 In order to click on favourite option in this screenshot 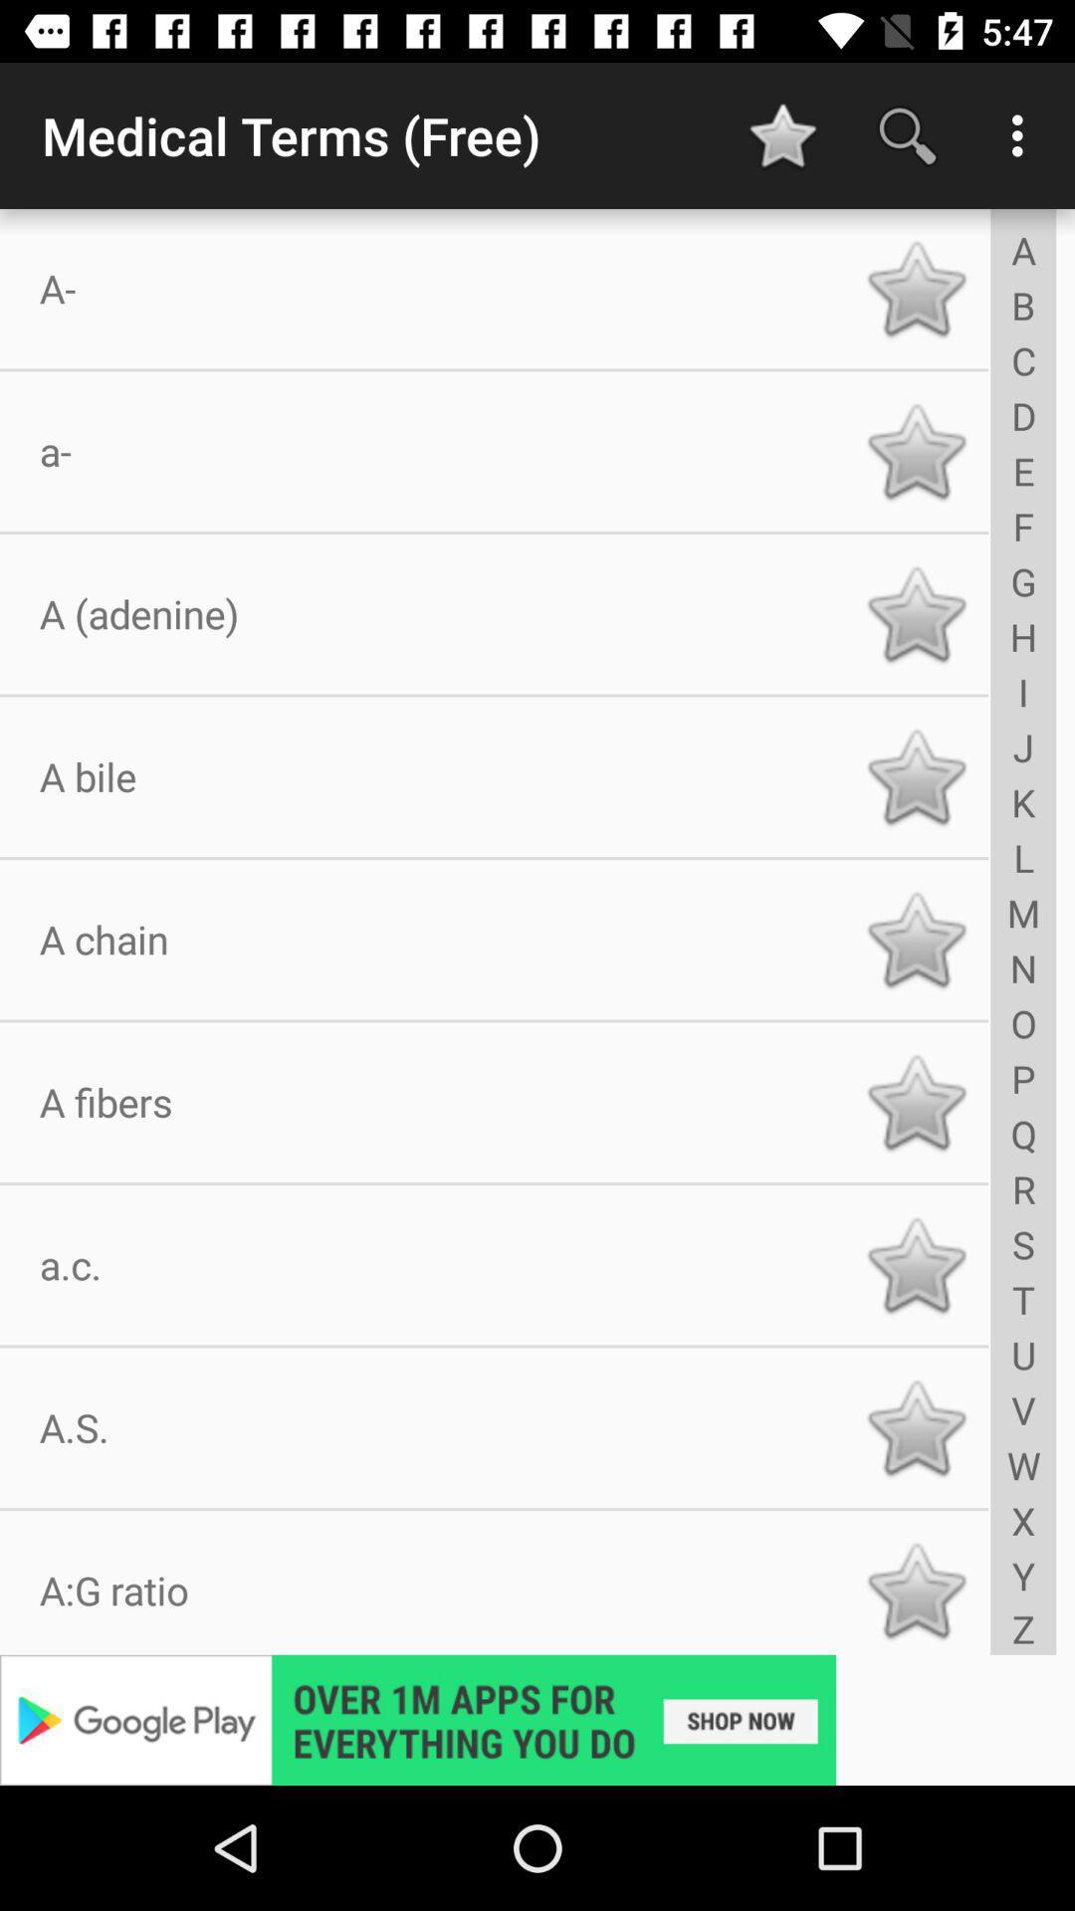, I will do `click(916, 450)`.